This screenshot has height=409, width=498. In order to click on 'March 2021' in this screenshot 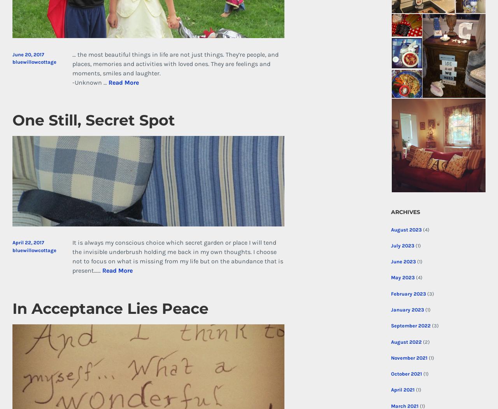, I will do `click(404, 405)`.